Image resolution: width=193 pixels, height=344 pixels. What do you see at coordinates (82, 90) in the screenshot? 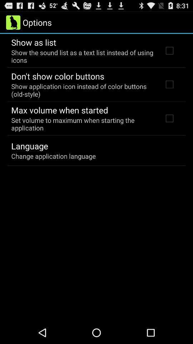
I see `show application icon` at bounding box center [82, 90].